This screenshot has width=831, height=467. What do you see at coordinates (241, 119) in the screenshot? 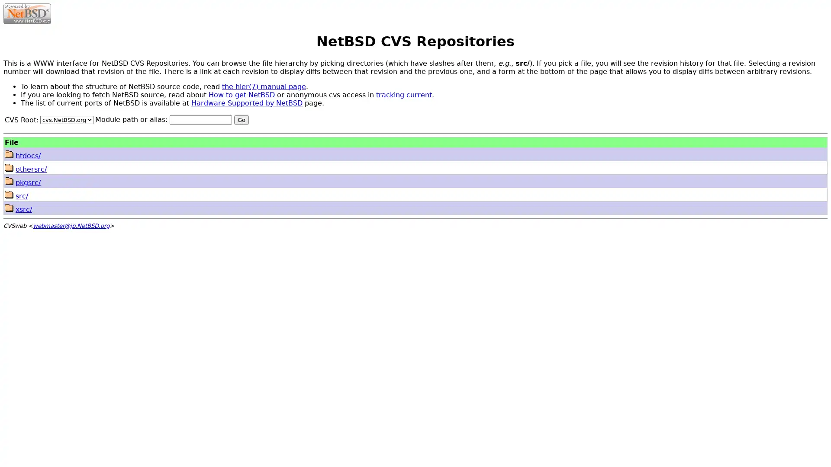
I see `Go` at bounding box center [241, 119].